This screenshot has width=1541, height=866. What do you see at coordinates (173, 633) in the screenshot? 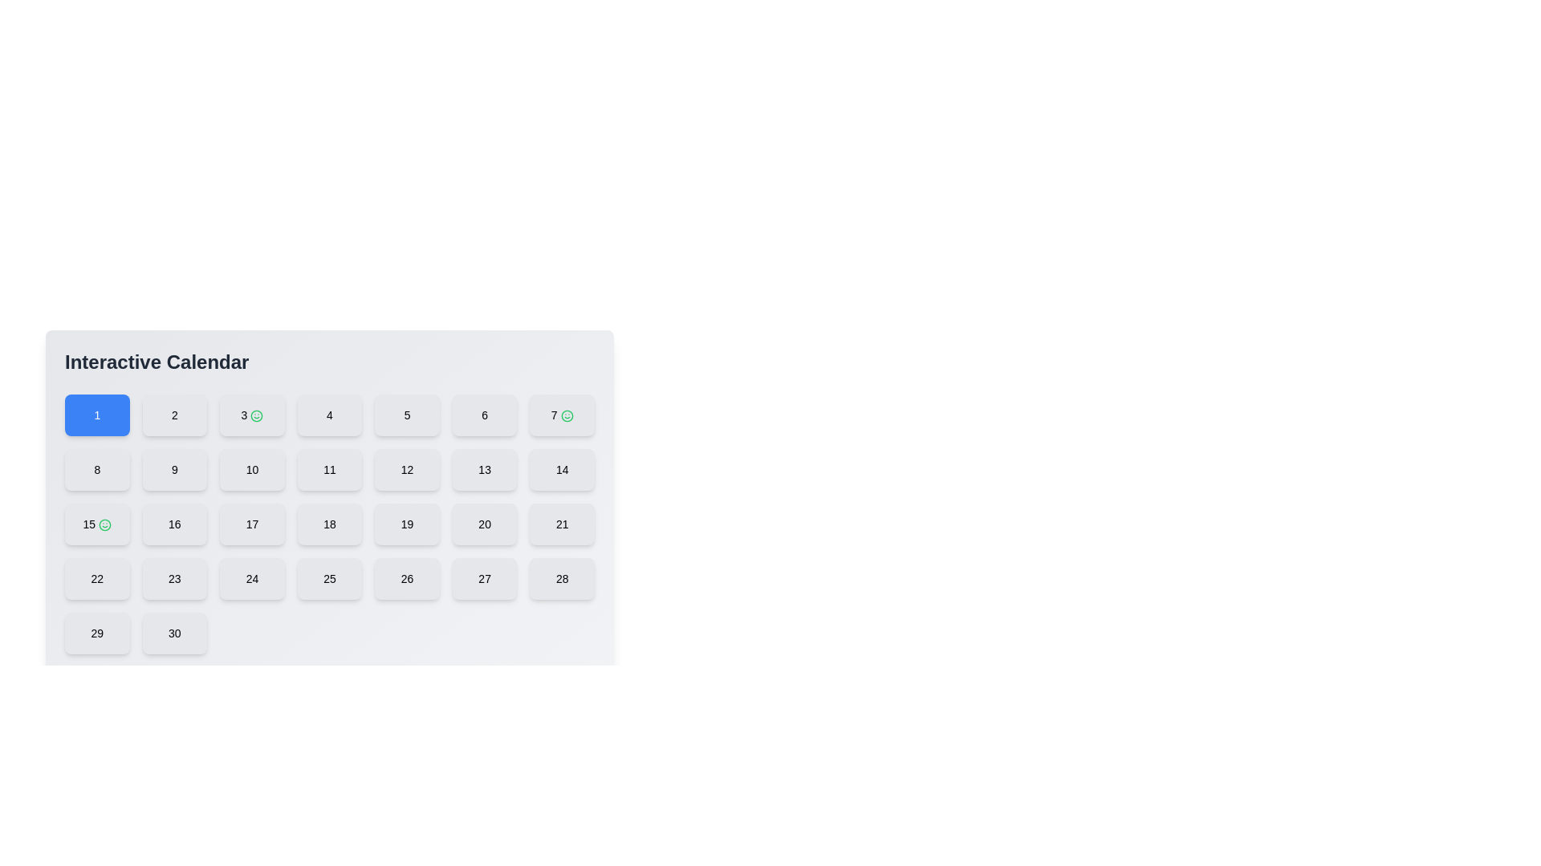
I see `the button with the number '30', which is a rounded square with a light gray background located in the bottom right of a 7-column grid layout` at bounding box center [173, 633].